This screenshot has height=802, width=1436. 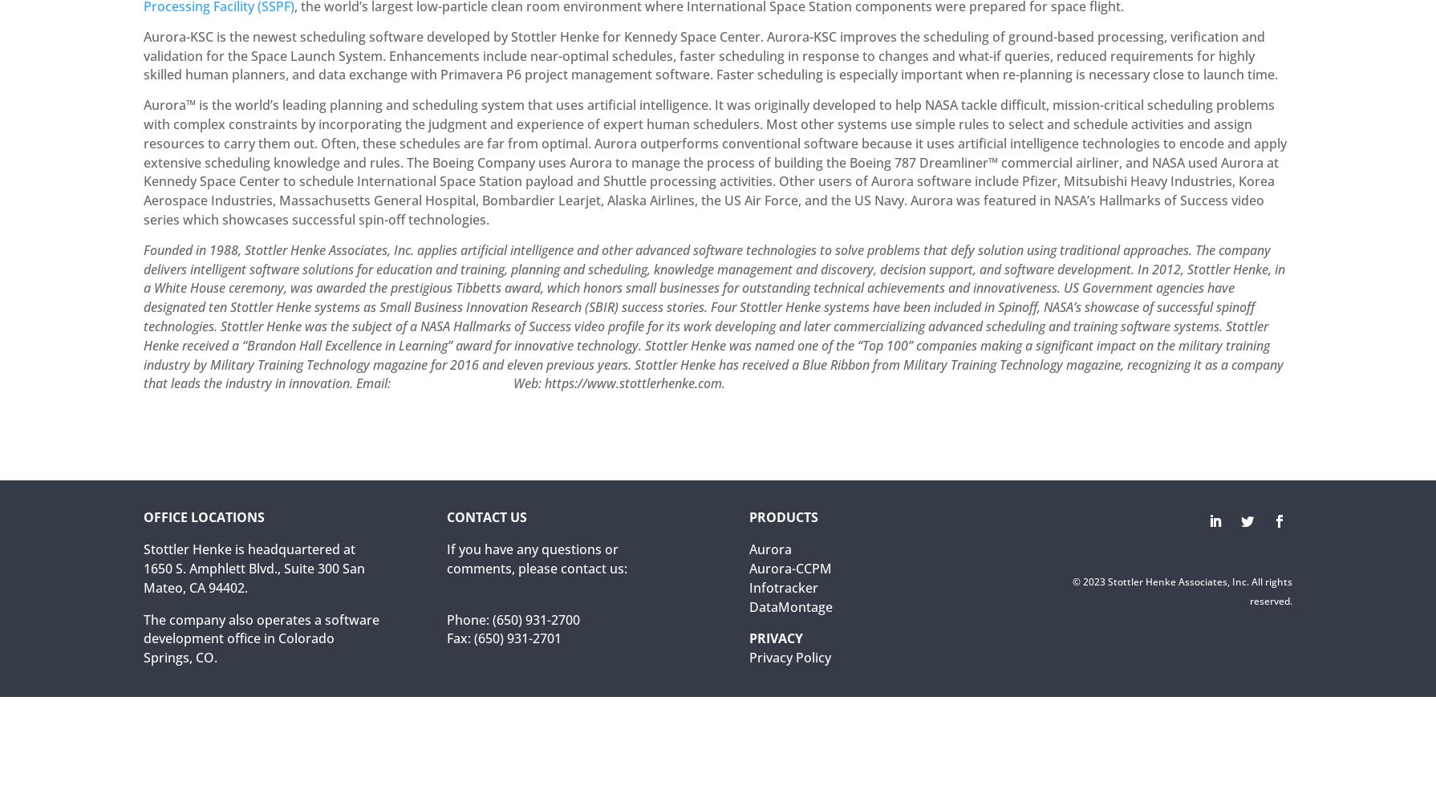 What do you see at coordinates (1180, 589) in the screenshot?
I see `'© 2023 Stottler Henke Associates, Inc. All rights reserved.'` at bounding box center [1180, 589].